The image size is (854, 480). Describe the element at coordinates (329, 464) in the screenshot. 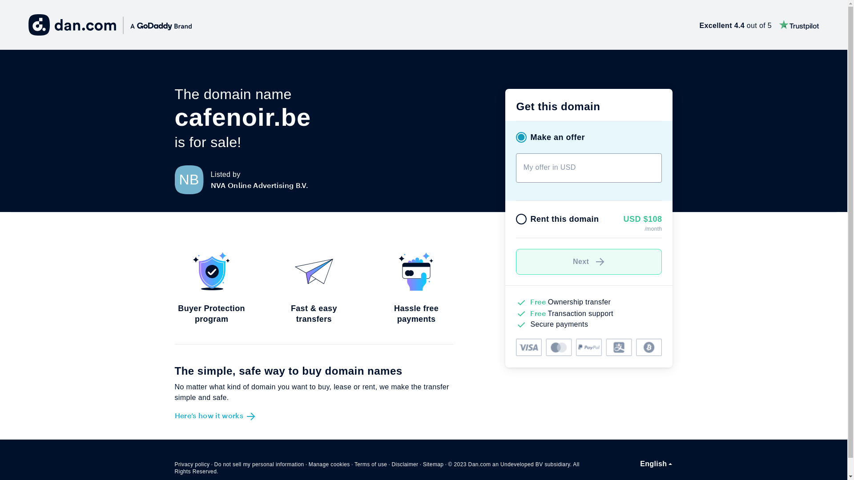

I see `'Manage cookies'` at that location.